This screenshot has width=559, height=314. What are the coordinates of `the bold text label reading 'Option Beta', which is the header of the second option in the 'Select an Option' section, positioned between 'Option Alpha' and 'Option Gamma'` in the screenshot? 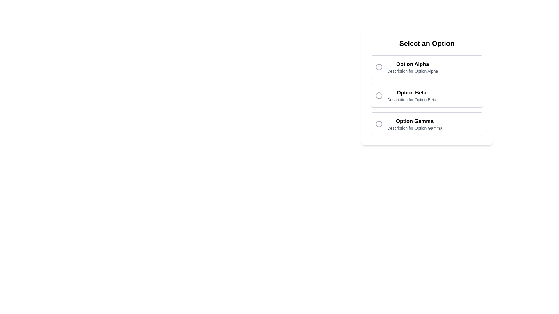 It's located at (411, 92).